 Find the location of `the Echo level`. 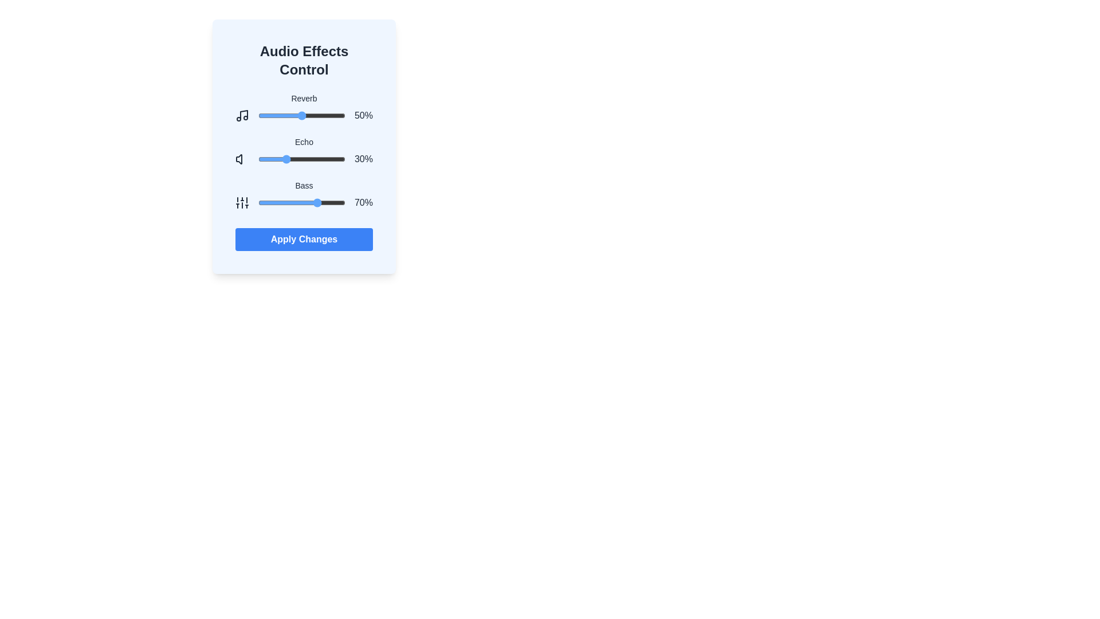

the Echo level is located at coordinates (294, 159).